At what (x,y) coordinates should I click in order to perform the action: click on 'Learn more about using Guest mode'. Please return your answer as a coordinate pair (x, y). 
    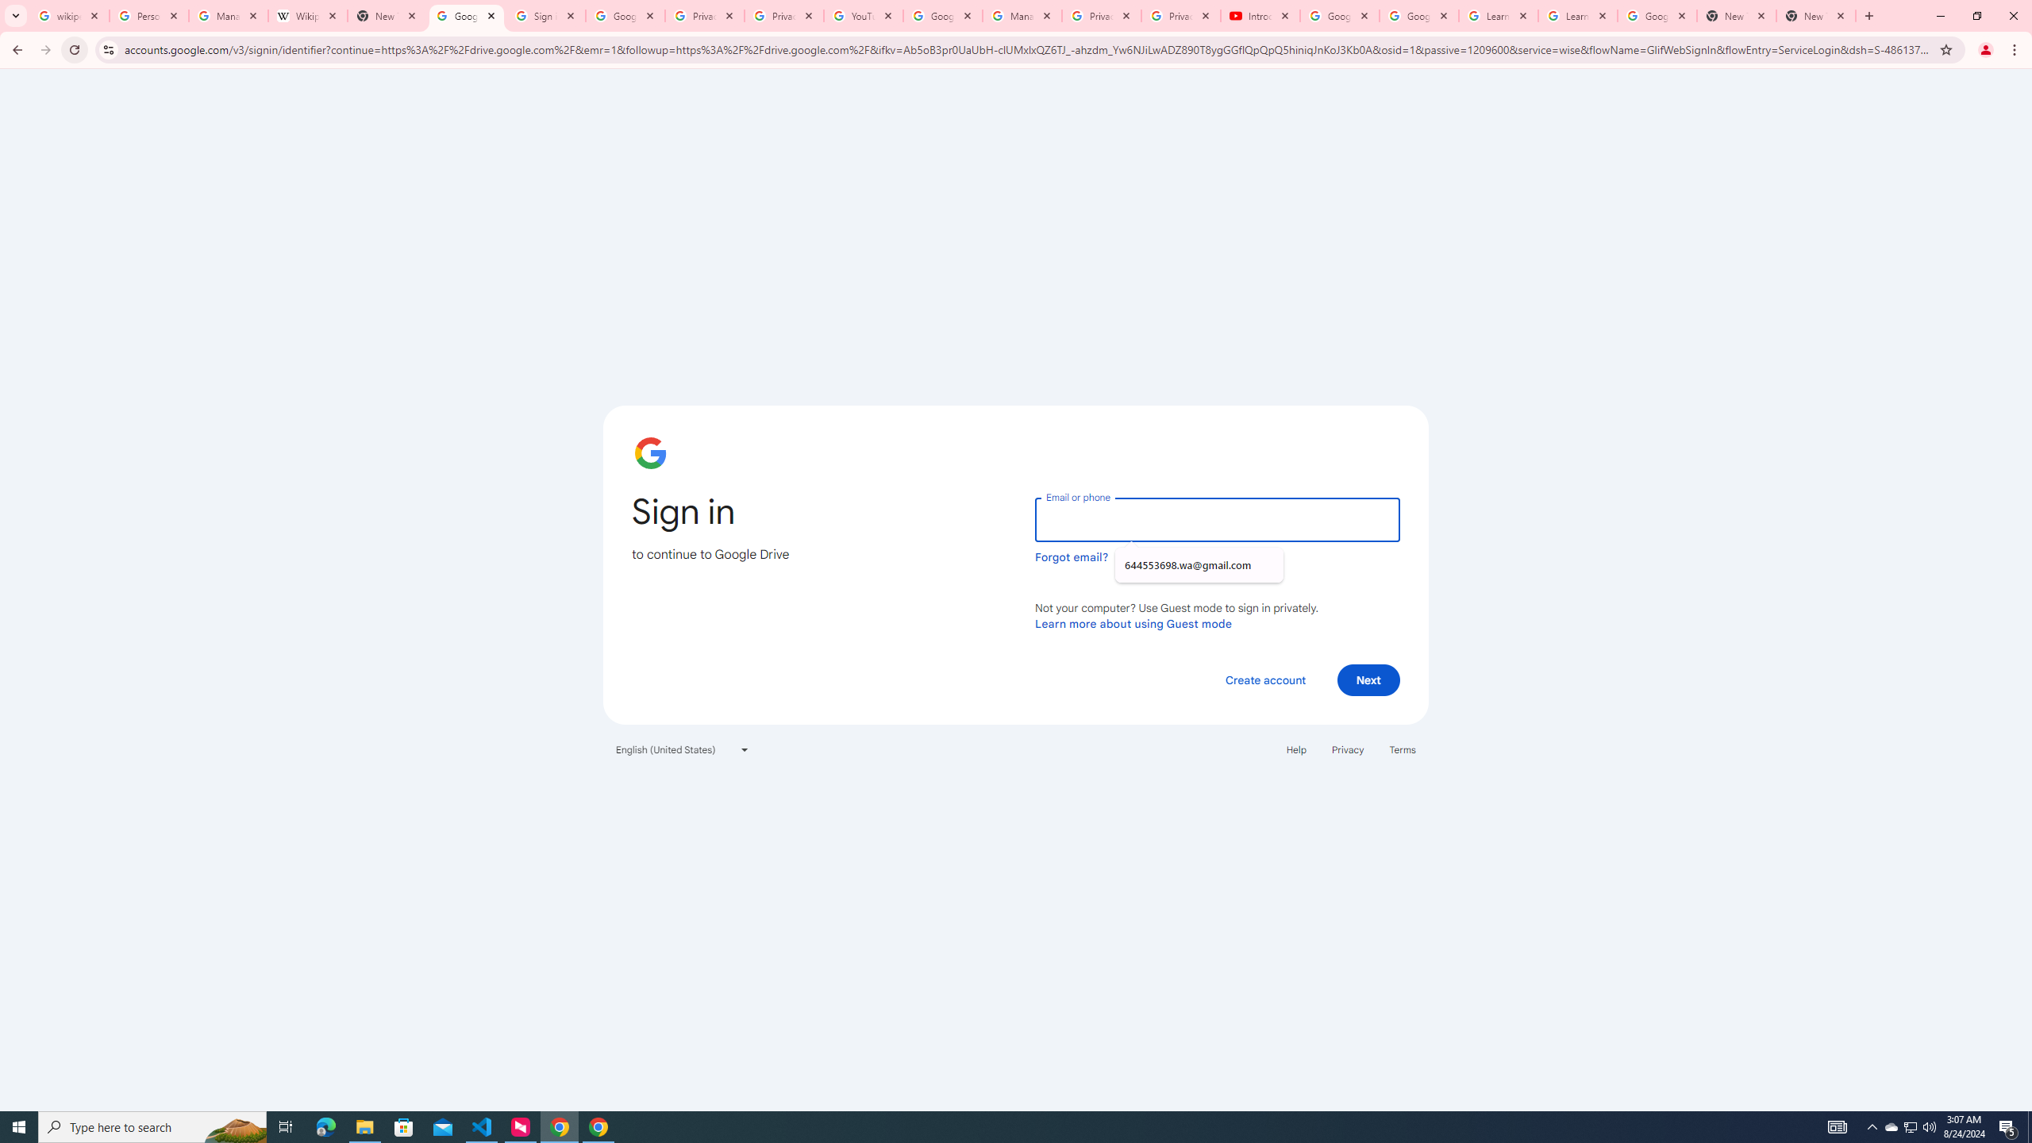
    Looking at the image, I should click on (1133, 623).